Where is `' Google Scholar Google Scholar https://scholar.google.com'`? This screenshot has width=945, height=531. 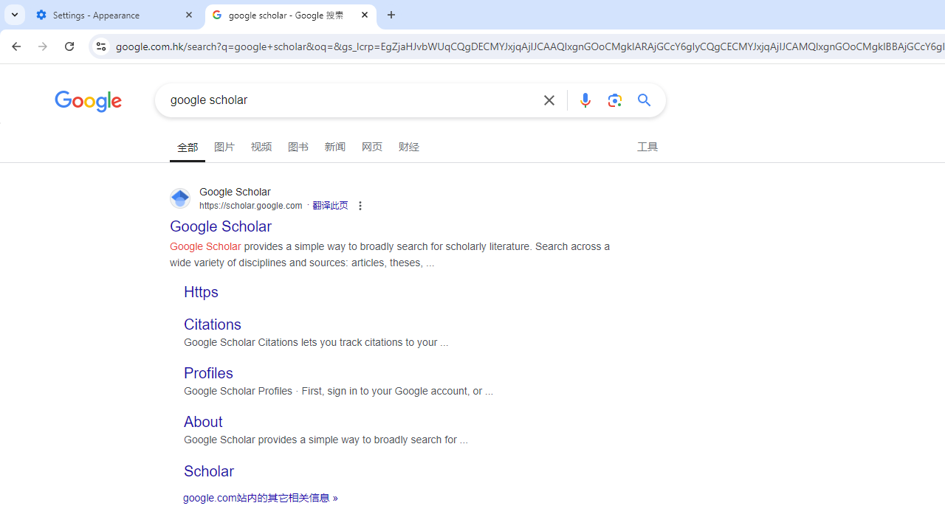
' Google Scholar Google Scholar https://scholar.google.com' is located at coordinates (220, 222).